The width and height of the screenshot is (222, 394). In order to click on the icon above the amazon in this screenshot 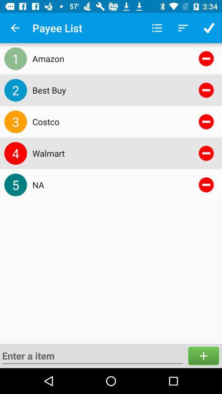, I will do `click(157, 28)`.